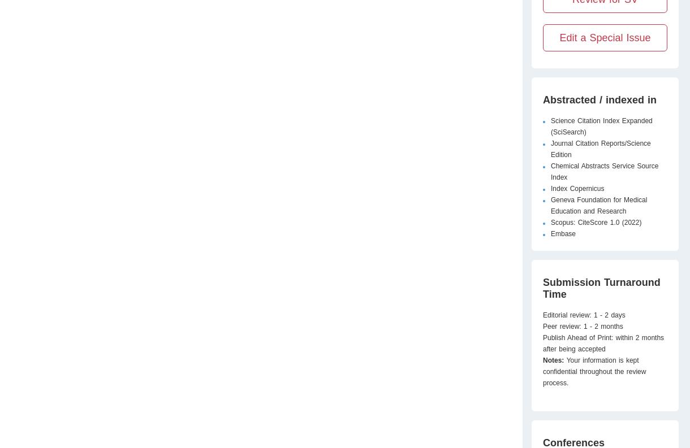 The height and width of the screenshot is (448, 690). Describe the element at coordinates (550, 189) in the screenshot. I see `'Index Copernicus'` at that location.